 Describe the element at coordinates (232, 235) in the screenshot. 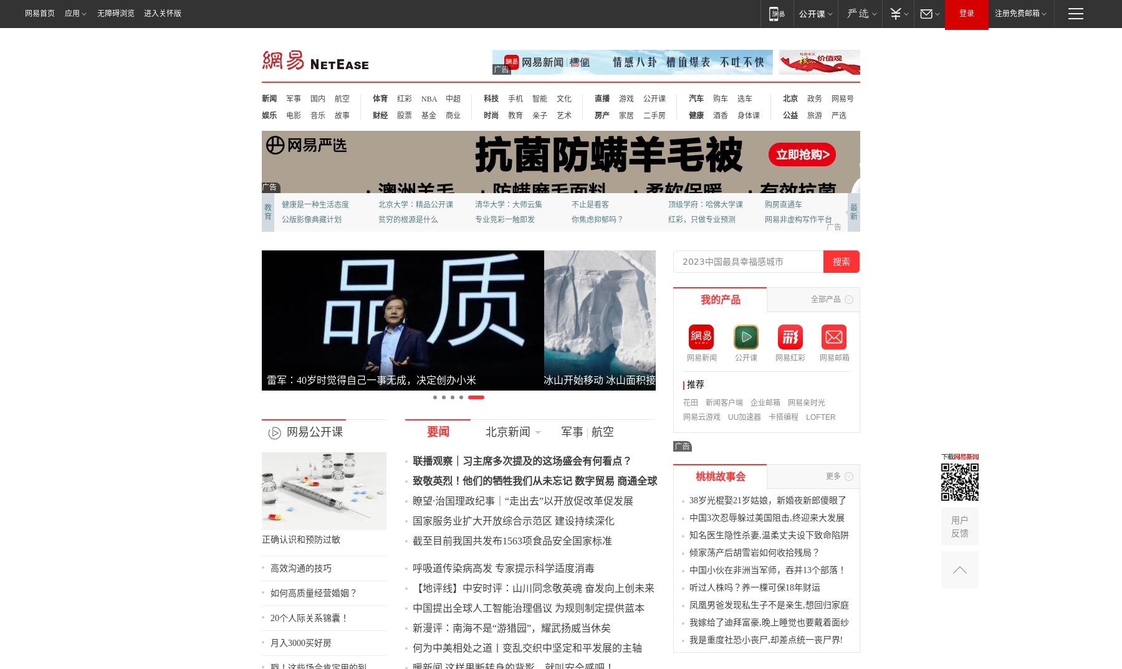

I see `'TED演讲全网首播'` at that location.